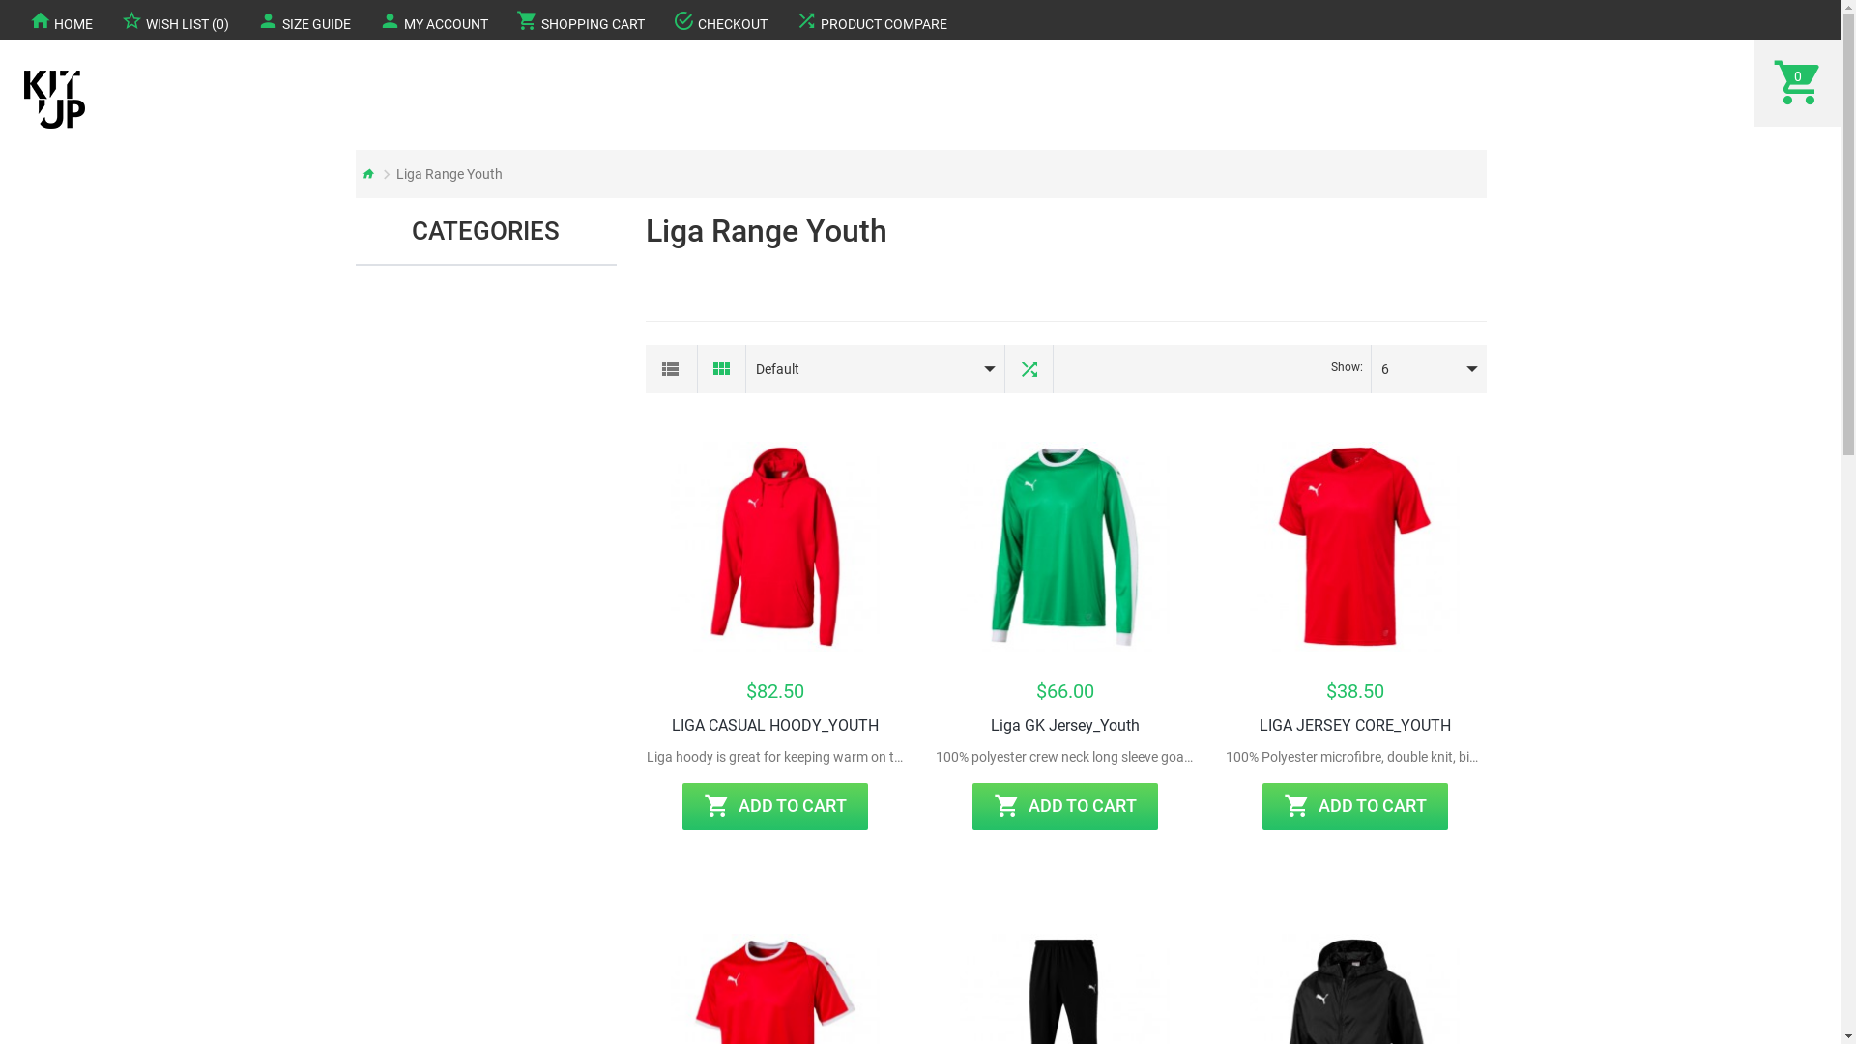 The width and height of the screenshot is (1856, 1044). I want to click on 'SIZE GUIDE', so click(303, 19).